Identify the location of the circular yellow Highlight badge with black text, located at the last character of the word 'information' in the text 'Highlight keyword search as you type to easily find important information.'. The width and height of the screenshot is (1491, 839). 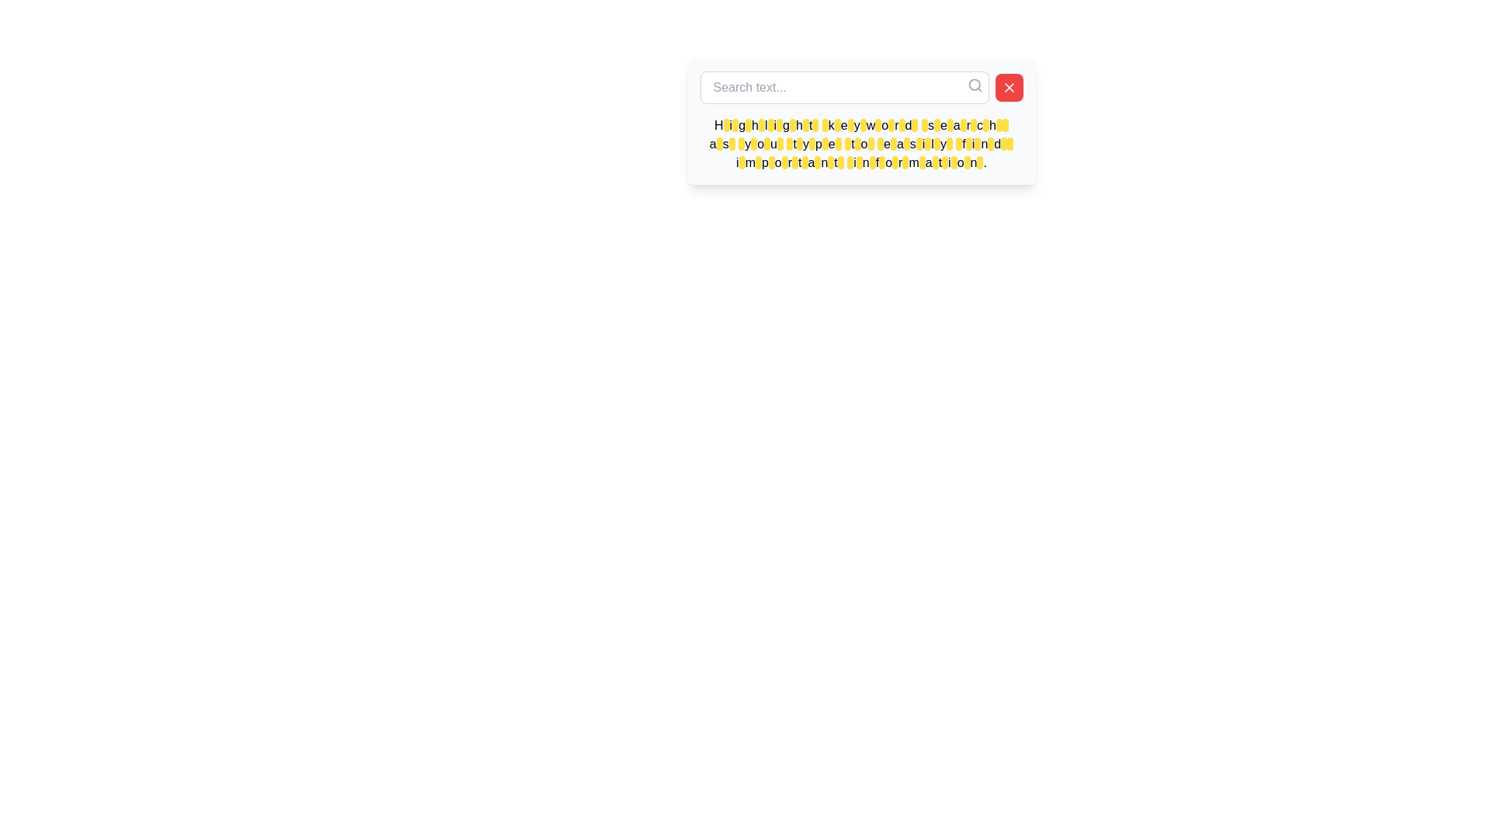
(934, 162).